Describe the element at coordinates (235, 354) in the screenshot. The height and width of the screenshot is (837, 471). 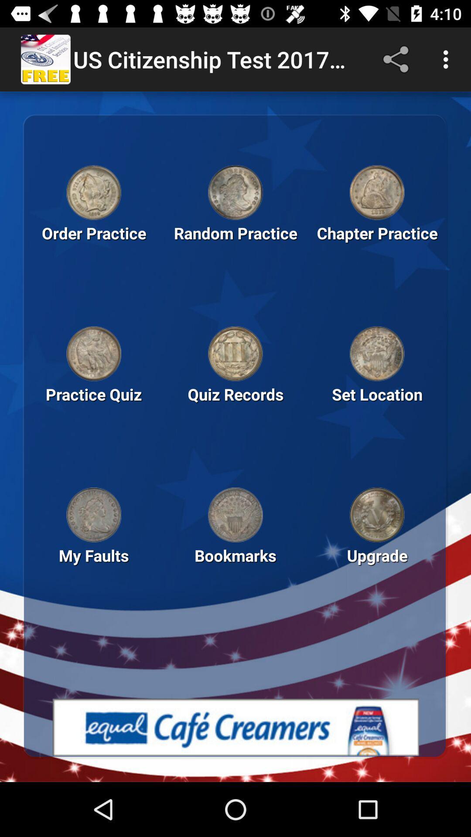
I see `access quiz records` at that location.